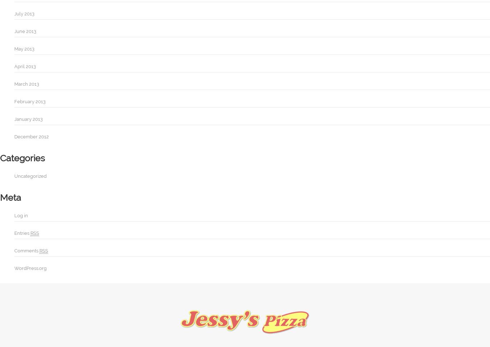 The width and height of the screenshot is (490, 347). I want to click on 'February 2013', so click(30, 101).